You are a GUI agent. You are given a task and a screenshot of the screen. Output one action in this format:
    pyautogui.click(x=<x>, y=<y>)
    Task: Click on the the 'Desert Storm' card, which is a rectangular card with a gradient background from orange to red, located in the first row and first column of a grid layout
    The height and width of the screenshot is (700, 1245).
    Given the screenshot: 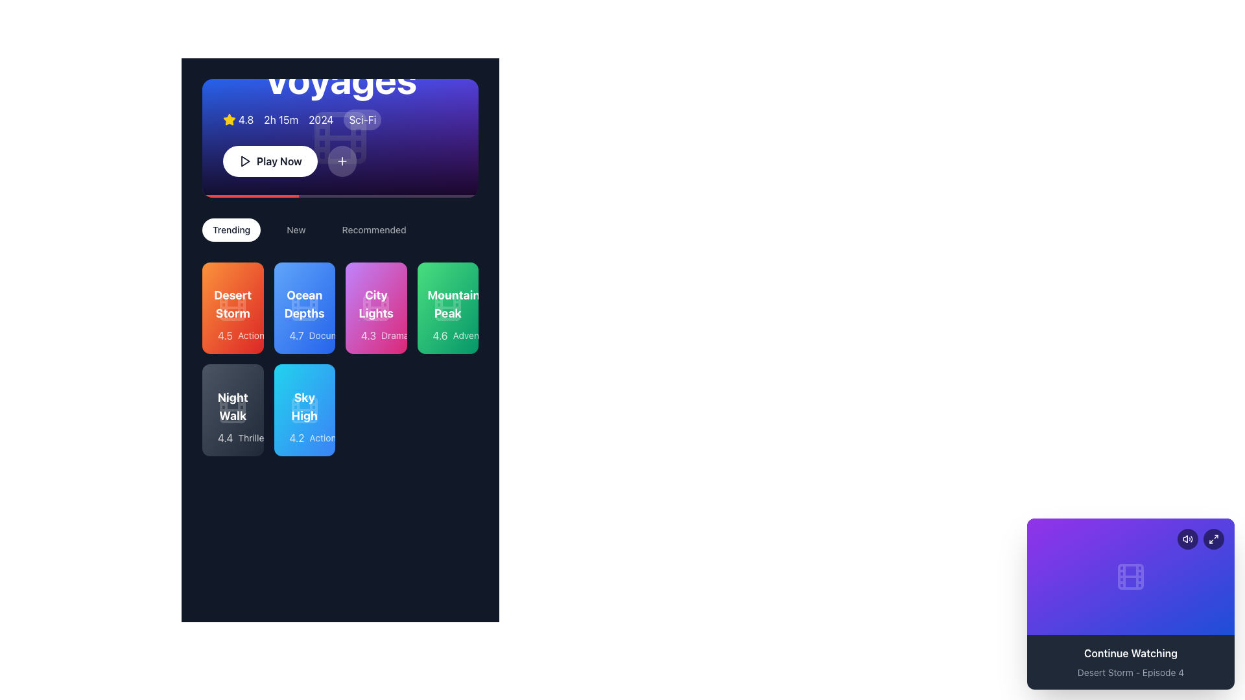 What is the action you would take?
    pyautogui.click(x=233, y=308)
    